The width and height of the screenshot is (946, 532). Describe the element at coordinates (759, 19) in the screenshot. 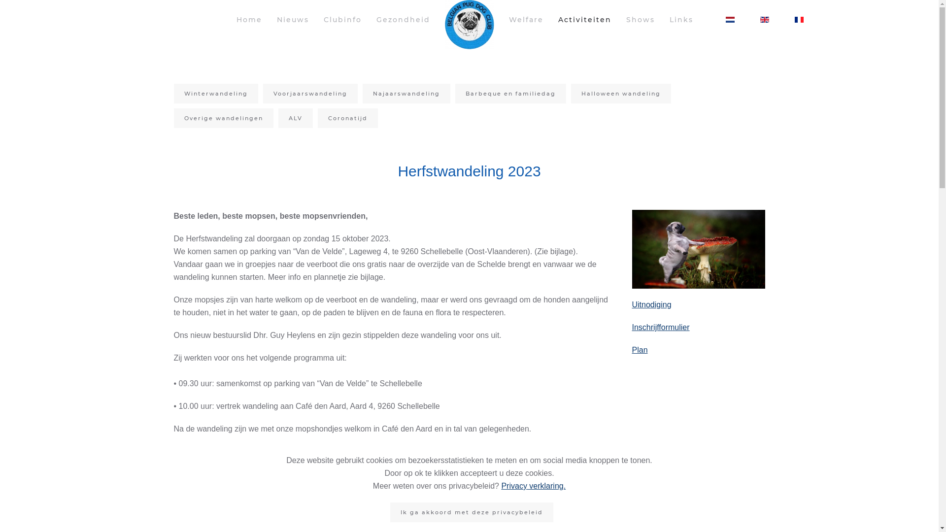

I see `'English (United Kingdom)'` at that location.